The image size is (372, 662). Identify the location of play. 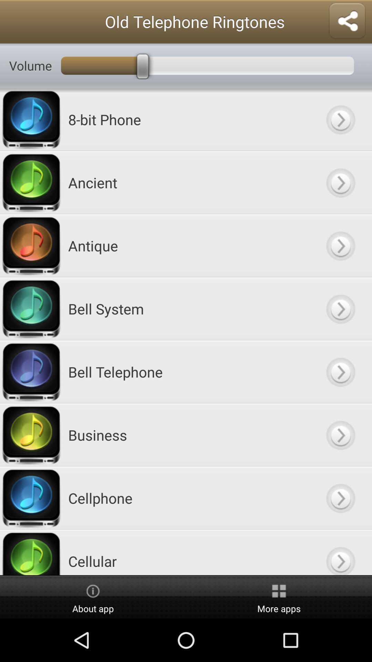
(340, 434).